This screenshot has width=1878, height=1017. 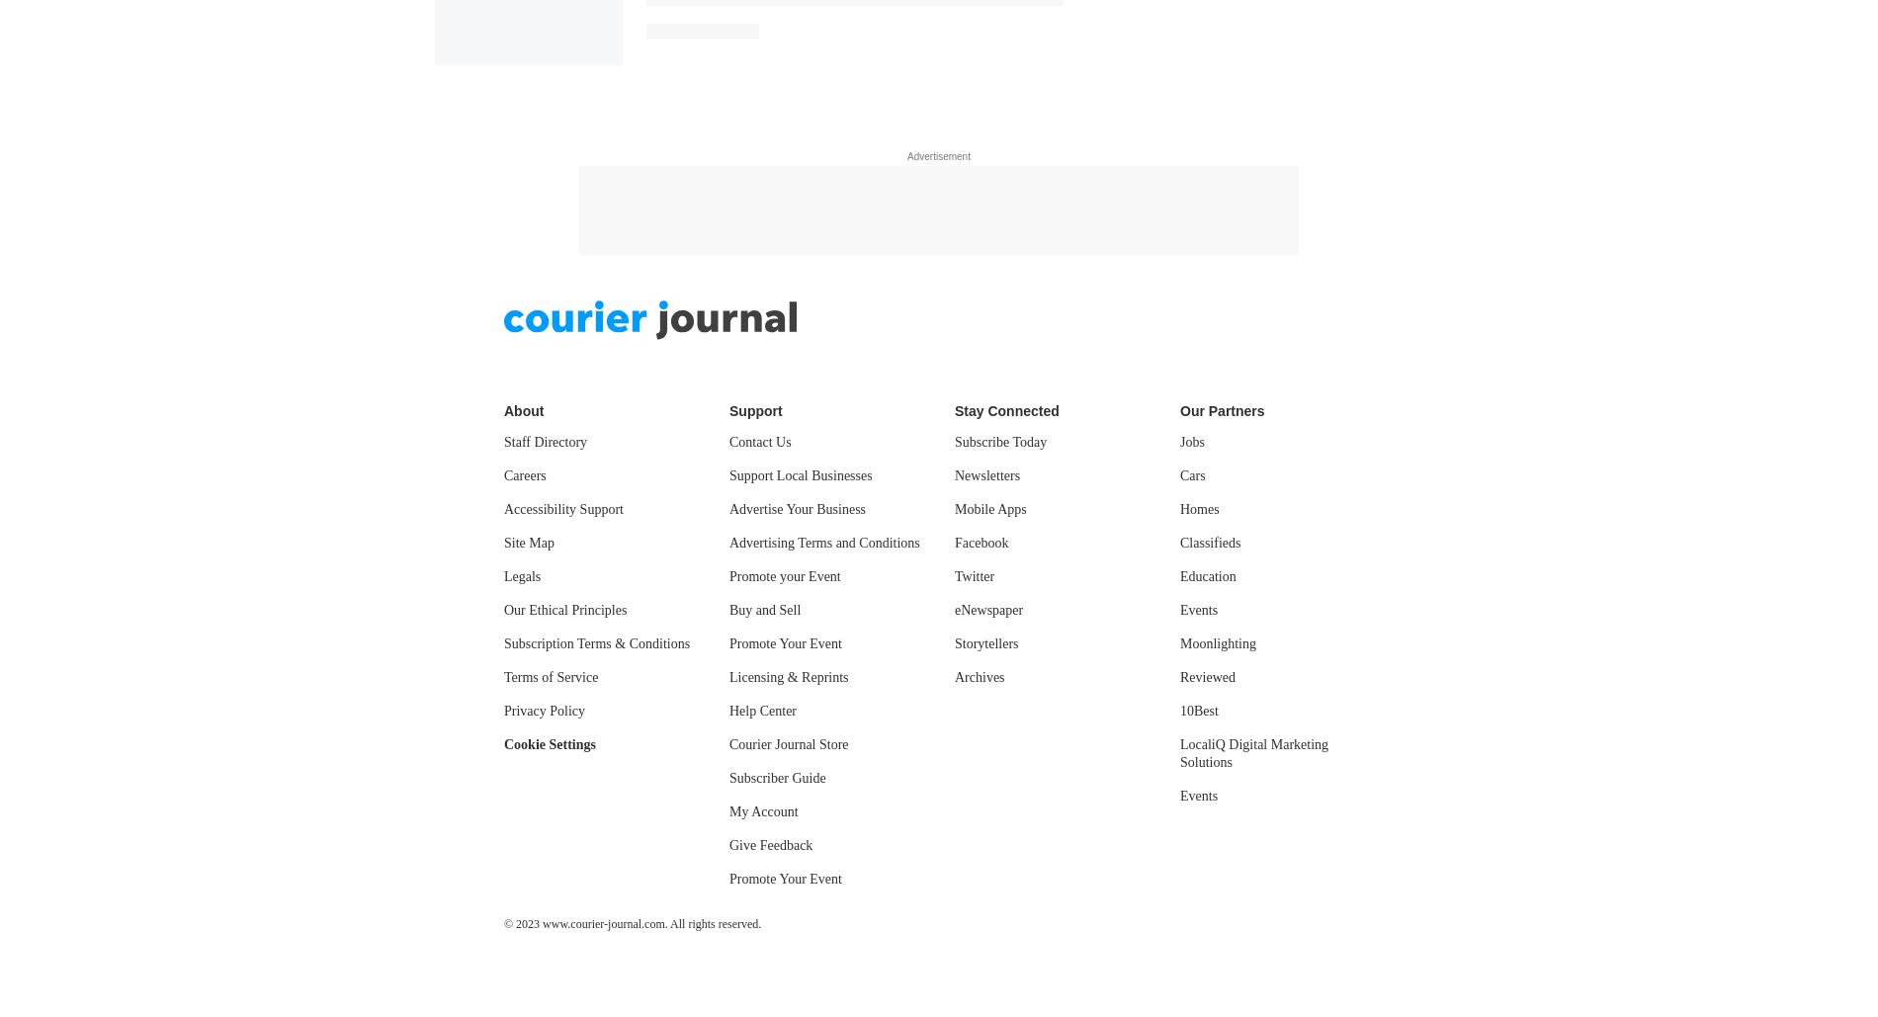 I want to click on 'Archives', so click(x=954, y=123).